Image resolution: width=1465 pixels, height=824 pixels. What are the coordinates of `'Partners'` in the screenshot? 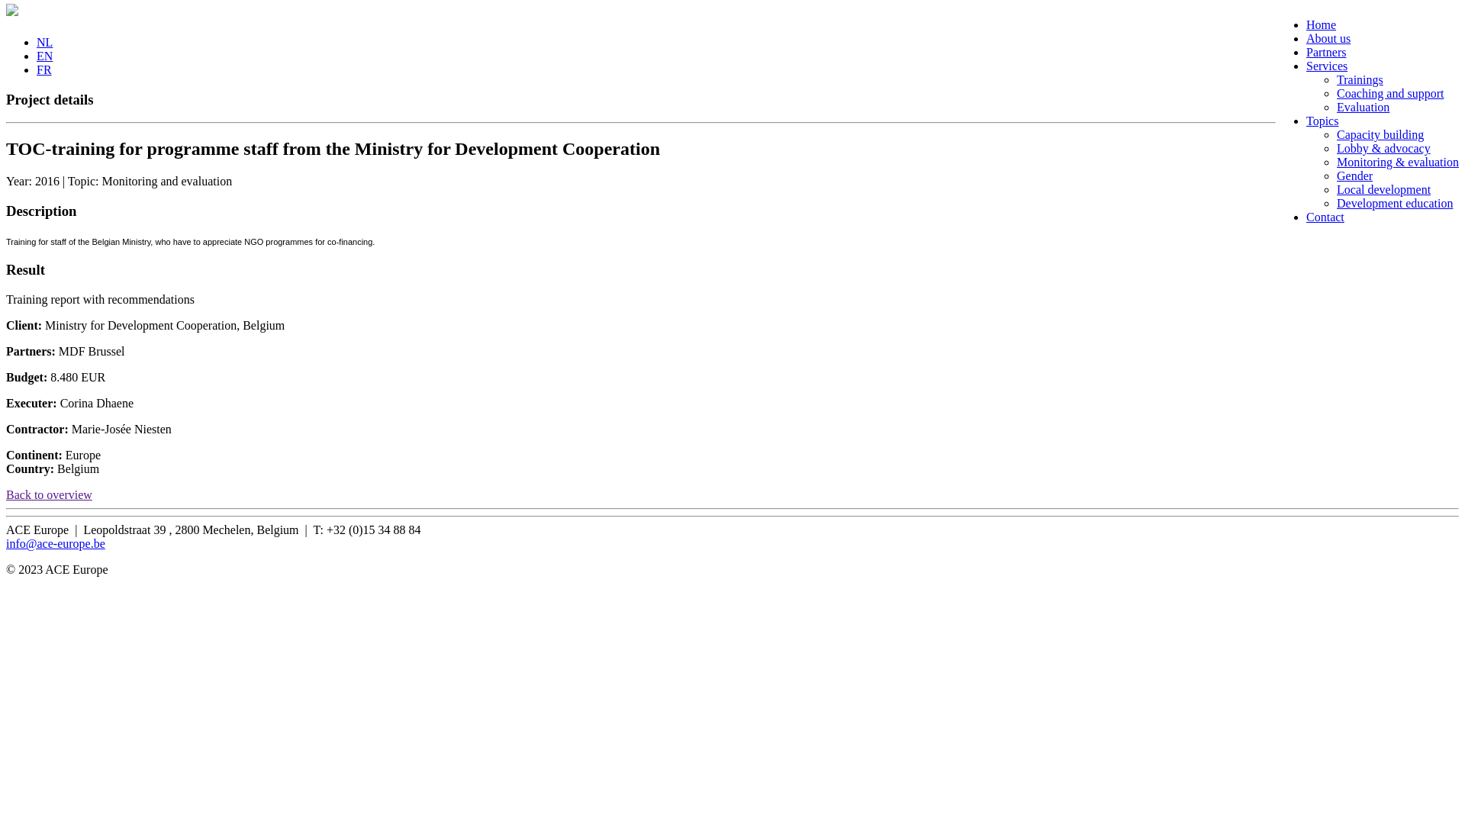 It's located at (1306, 51).